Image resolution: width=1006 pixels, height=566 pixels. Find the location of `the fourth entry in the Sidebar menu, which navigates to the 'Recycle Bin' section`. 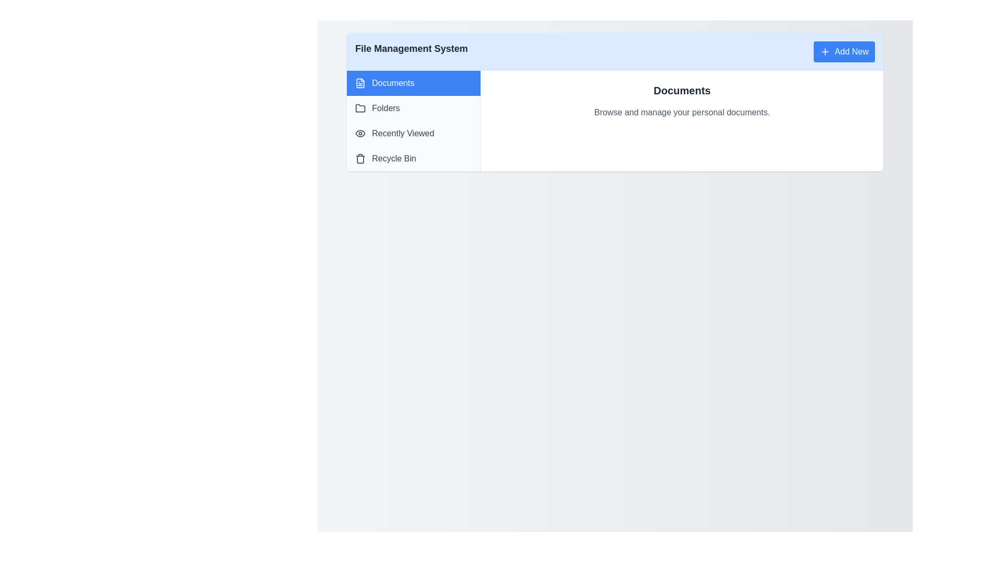

the fourth entry in the Sidebar menu, which navigates to the 'Recycle Bin' section is located at coordinates (413, 159).